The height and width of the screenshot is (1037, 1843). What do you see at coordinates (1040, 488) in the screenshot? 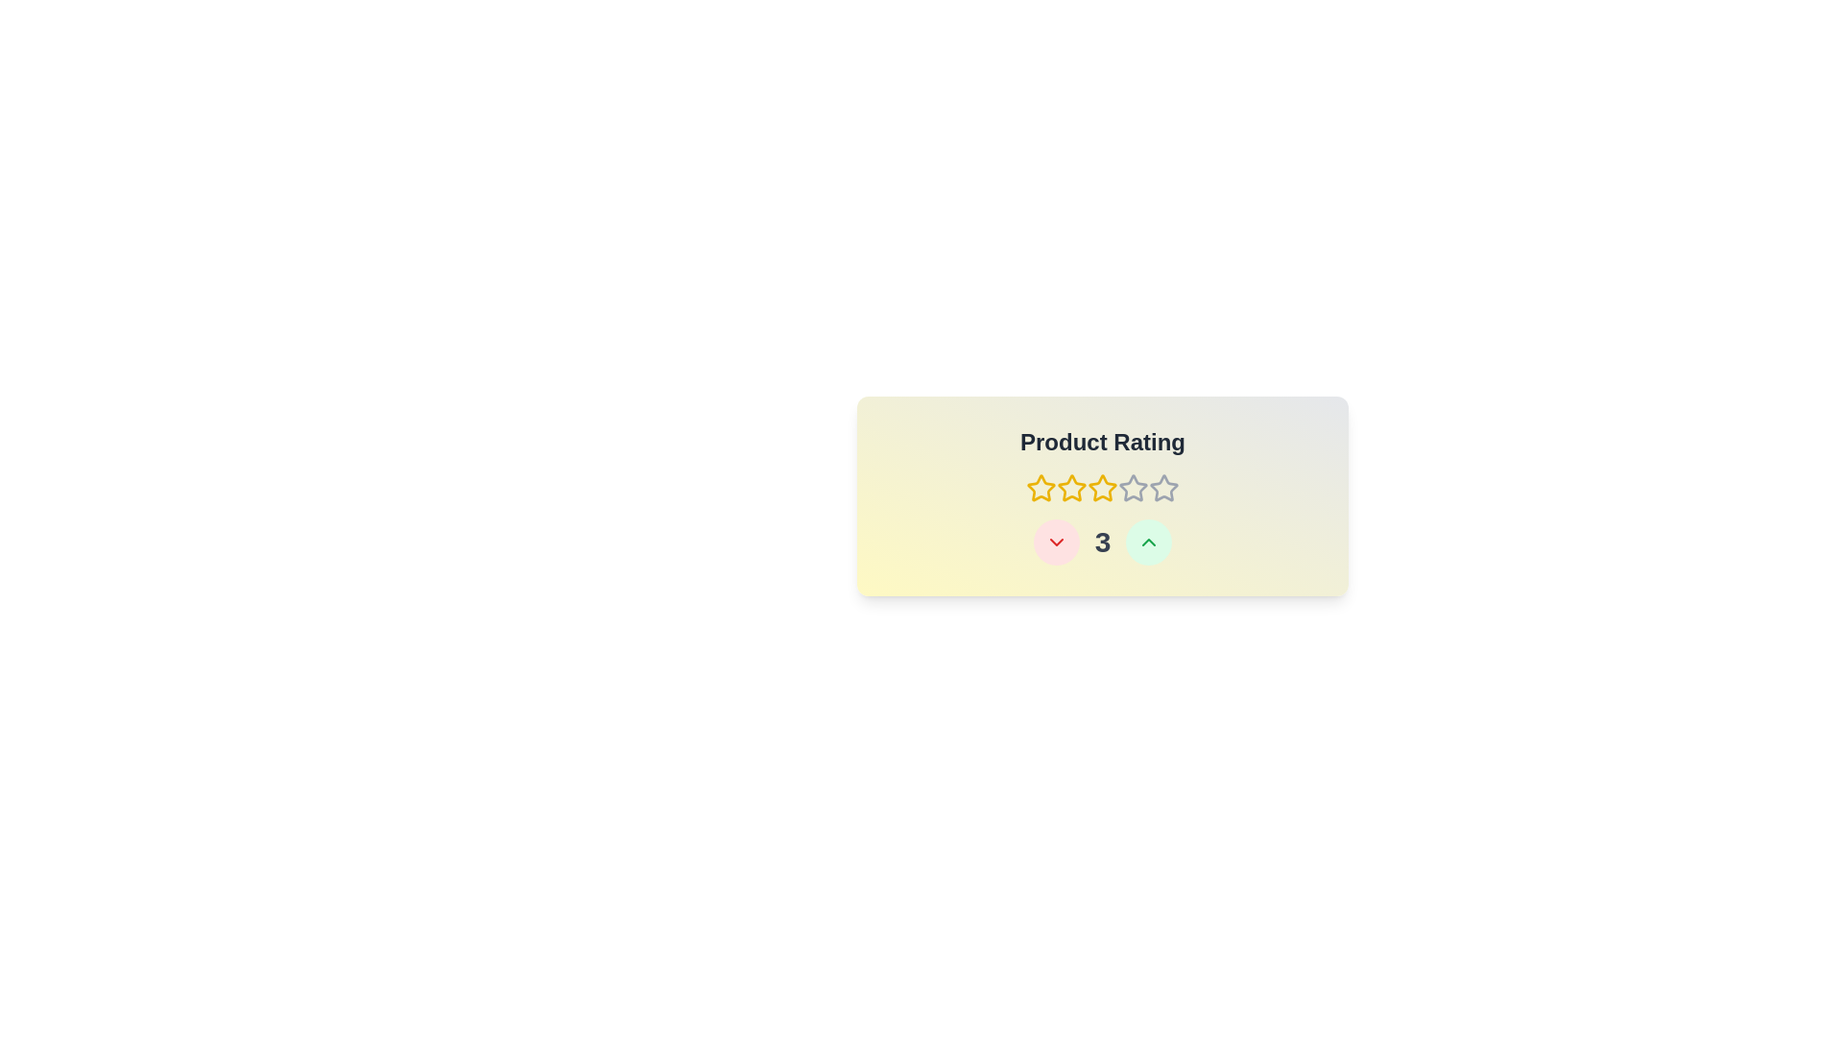
I see `the first star rating icon in the 'Product Rating' section` at bounding box center [1040, 488].